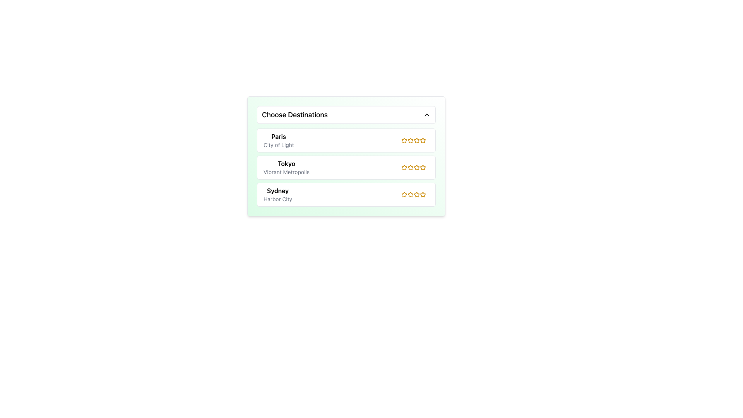  Describe the element at coordinates (423, 194) in the screenshot. I see `the fifth star icon representing the rating level for 'Sydney'` at that location.